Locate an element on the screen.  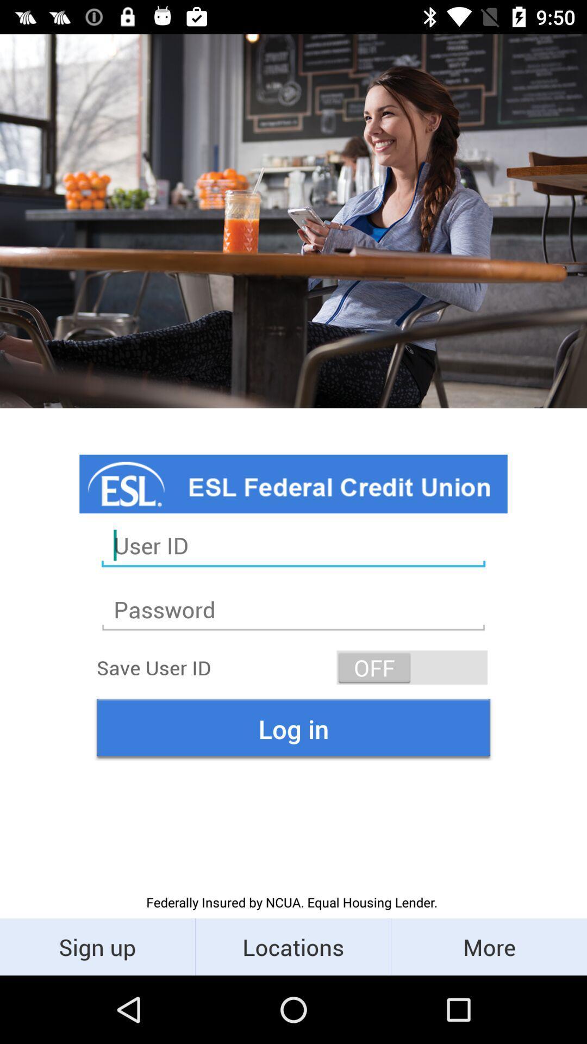
log in is located at coordinates (293, 729).